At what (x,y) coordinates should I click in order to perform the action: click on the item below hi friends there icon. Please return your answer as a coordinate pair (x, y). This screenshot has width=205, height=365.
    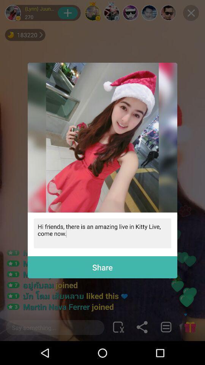
    Looking at the image, I should click on (102, 267).